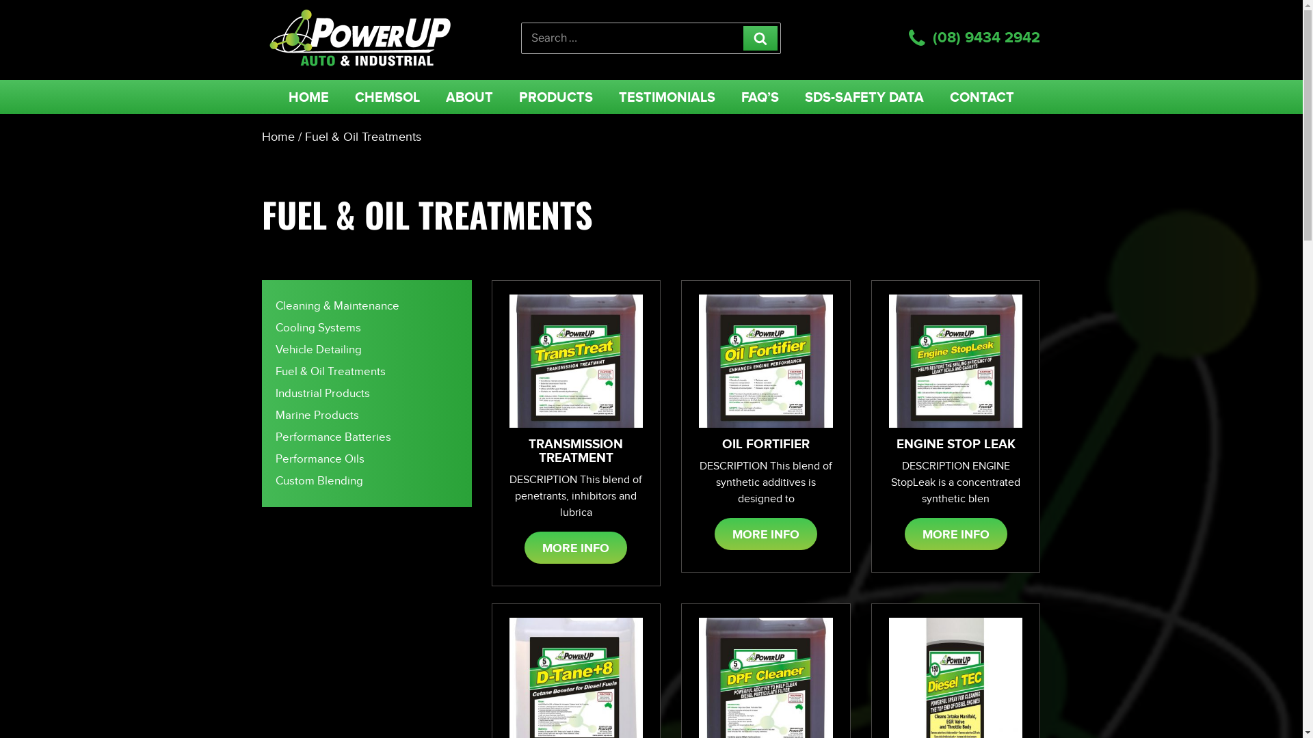 This screenshot has height=738, width=1313. What do you see at coordinates (277, 137) in the screenshot?
I see `'Home'` at bounding box center [277, 137].